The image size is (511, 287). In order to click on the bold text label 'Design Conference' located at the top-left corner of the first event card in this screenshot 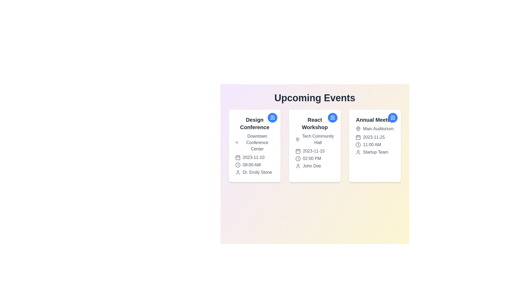, I will do `click(254, 124)`.